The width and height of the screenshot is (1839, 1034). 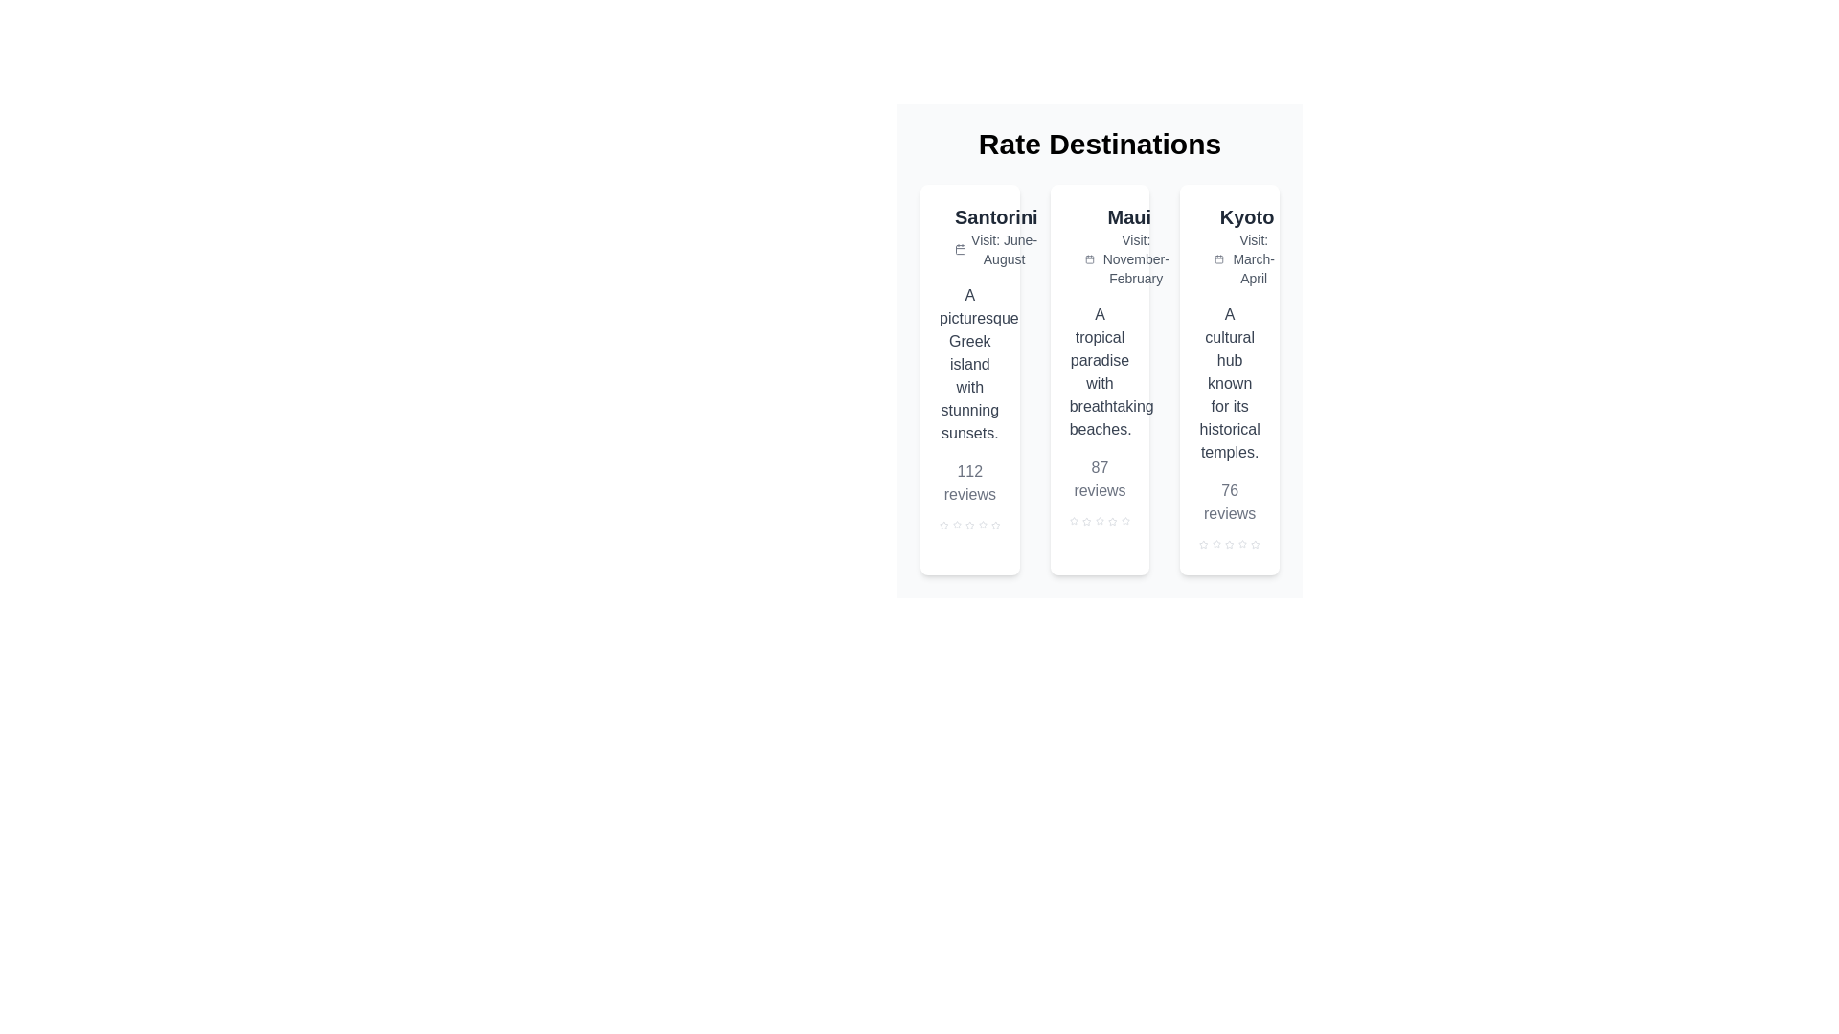 What do you see at coordinates (1100, 479) in the screenshot?
I see `the label indicating the number of reviews for the 'Maui' item in the 'Rate Destinations' section, located below the description 'A tropical paradise with breathtaking beaches.'` at bounding box center [1100, 479].